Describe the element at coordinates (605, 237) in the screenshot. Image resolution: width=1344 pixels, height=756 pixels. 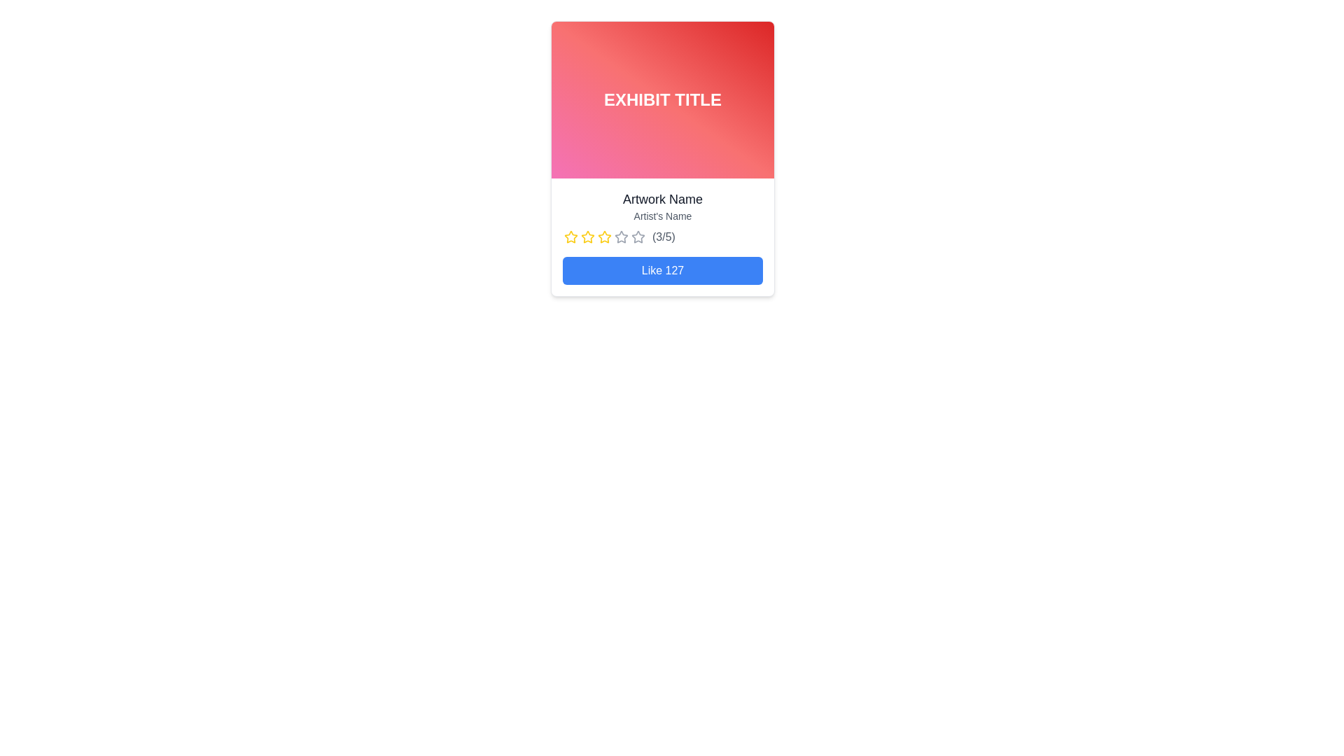
I see `the fourth yellow rating star icon to change the rating` at that location.